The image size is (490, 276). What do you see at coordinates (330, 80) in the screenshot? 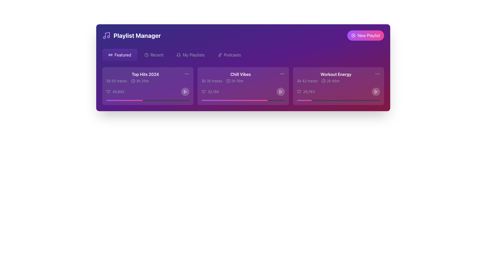
I see `the Duration label element displaying the total duration of the playlist` at bounding box center [330, 80].